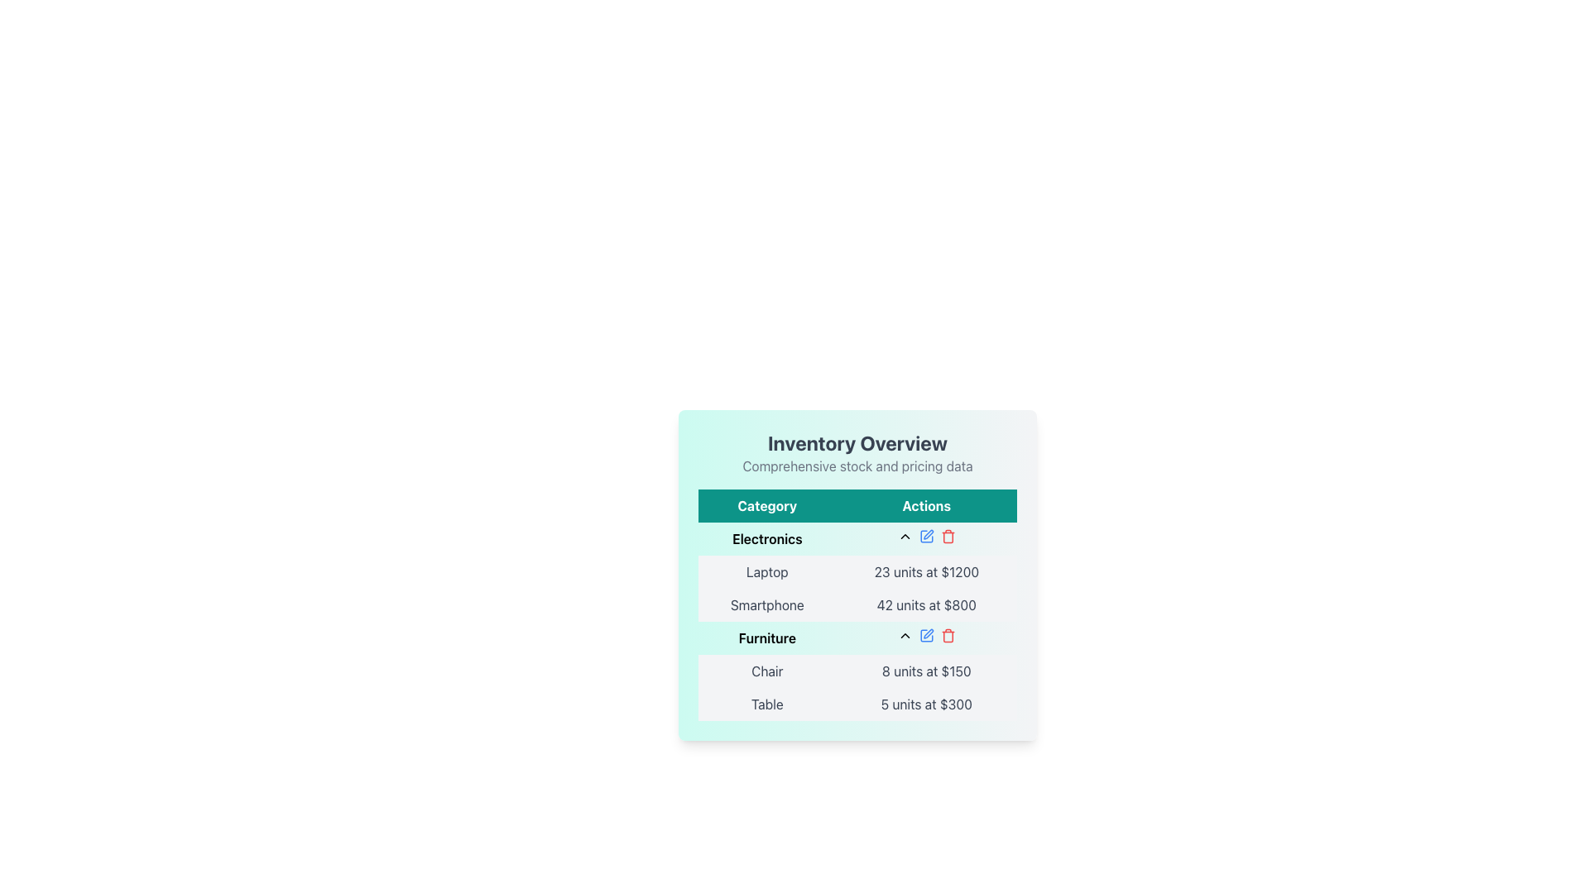  I want to click on the Button-like label that serves as a header for the action-related controls, positioned to the right of the 'Category' button, so click(925, 505).